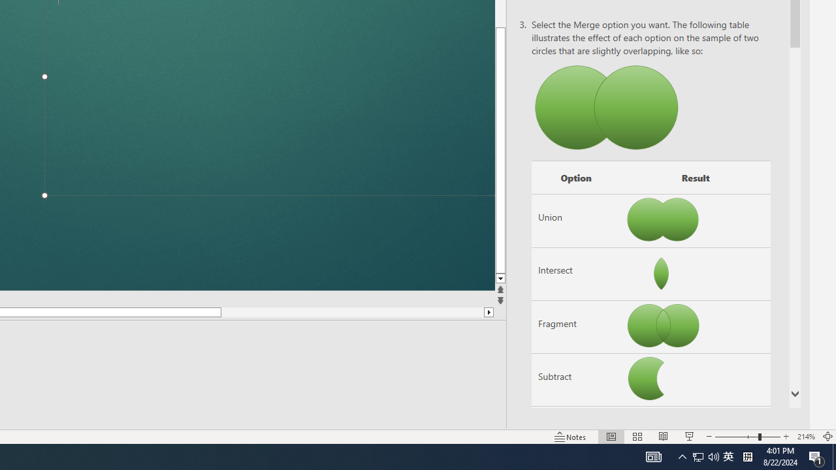 The image size is (836, 470). I want to click on 'Normal', so click(611, 437).